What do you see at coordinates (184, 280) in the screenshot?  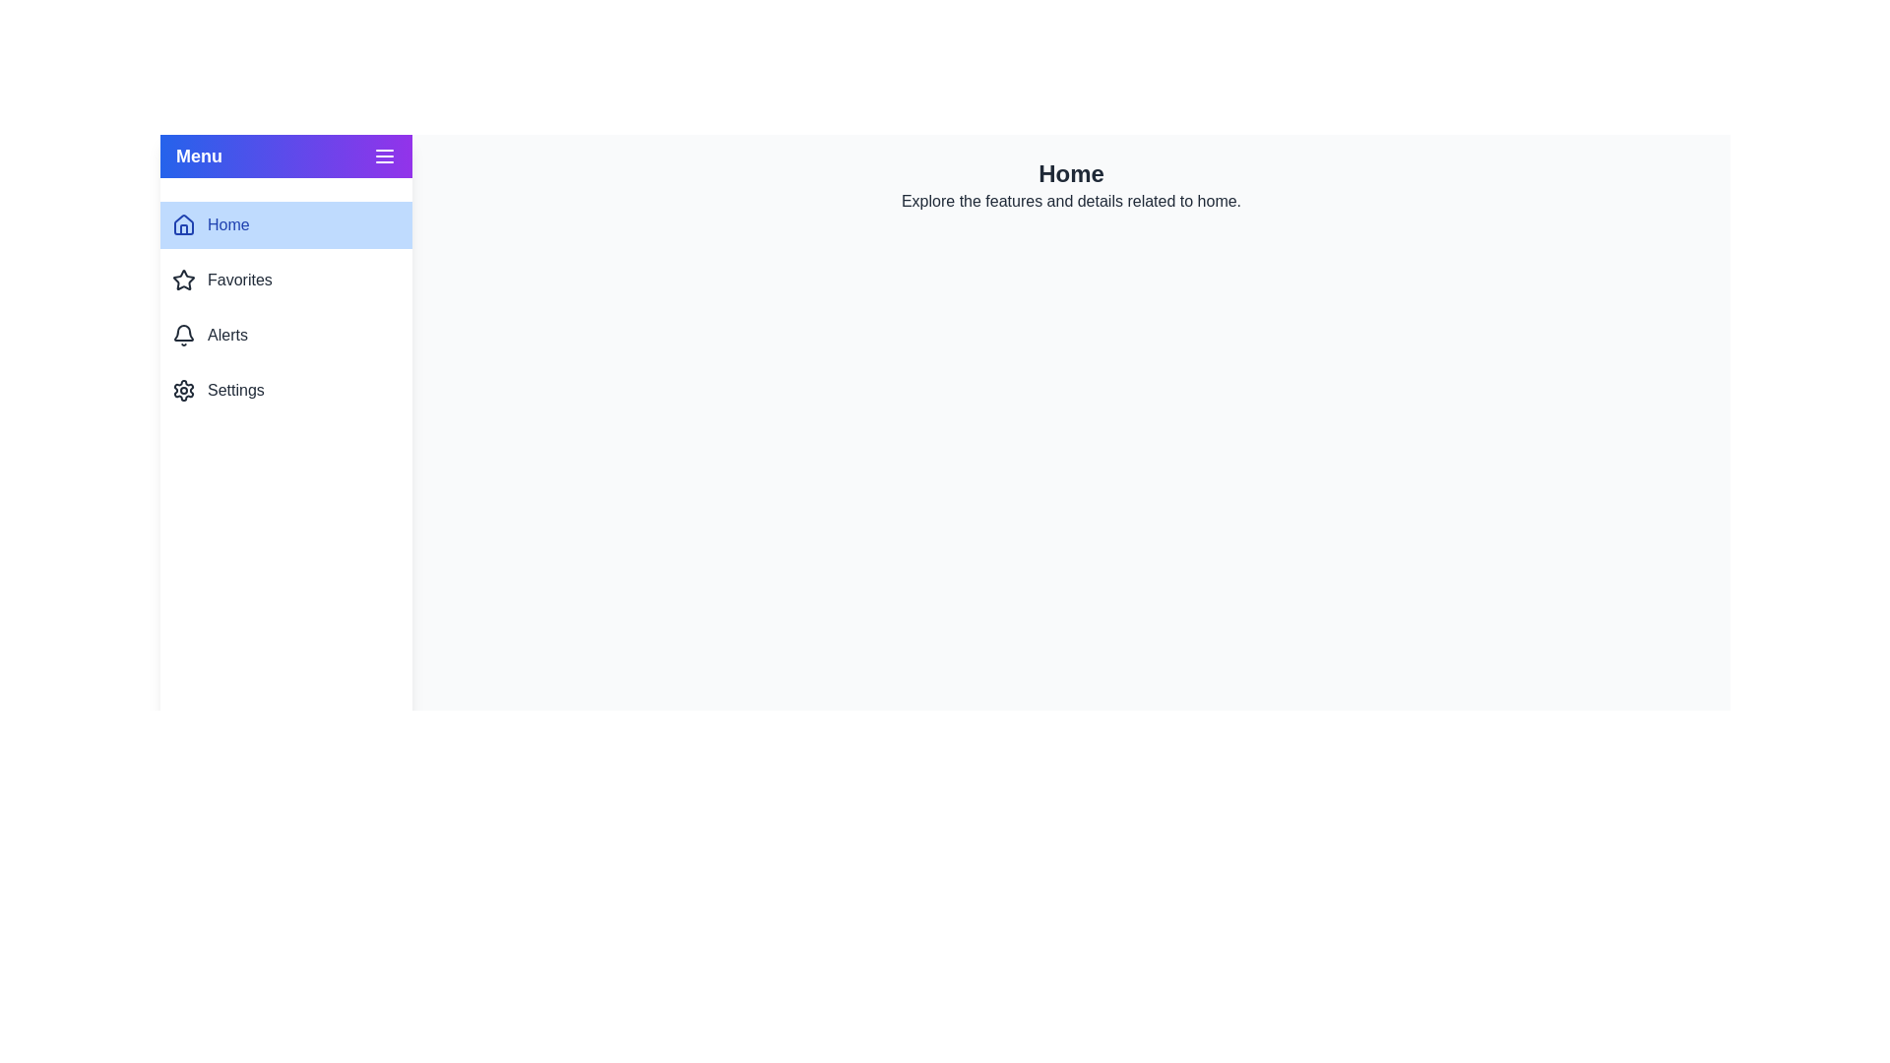 I see `the star-shaped icon located in the navigation menu to the left of the word 'Favorites'` at bounding box center [184, 280].